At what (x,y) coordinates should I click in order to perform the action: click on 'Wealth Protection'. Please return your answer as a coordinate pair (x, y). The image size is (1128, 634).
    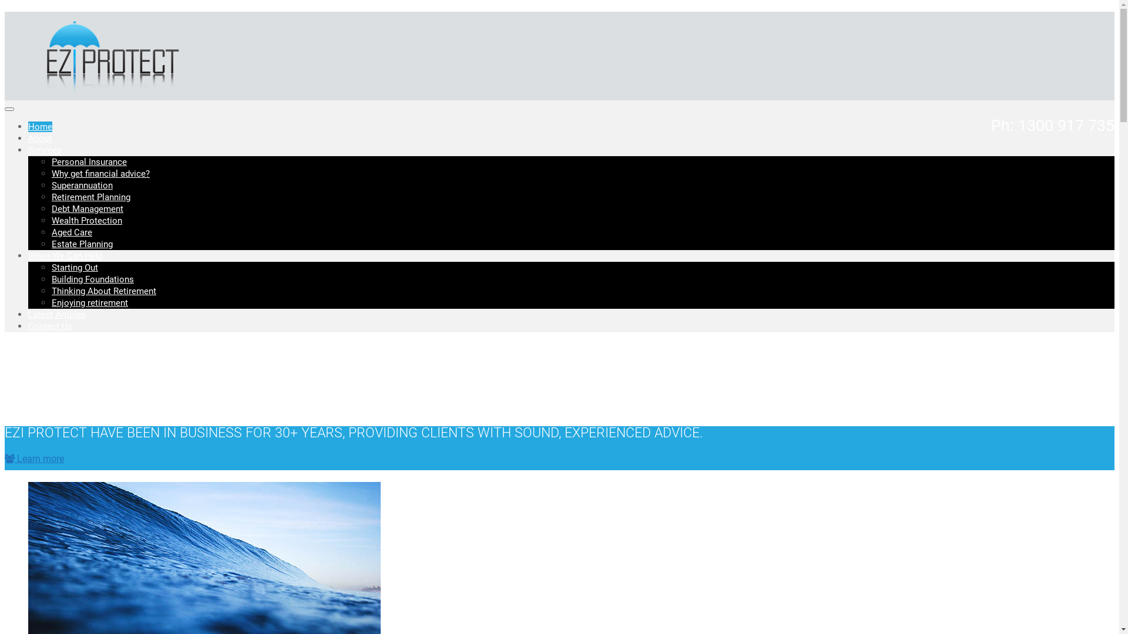
    Looking at the image, I should click on (51, 220).